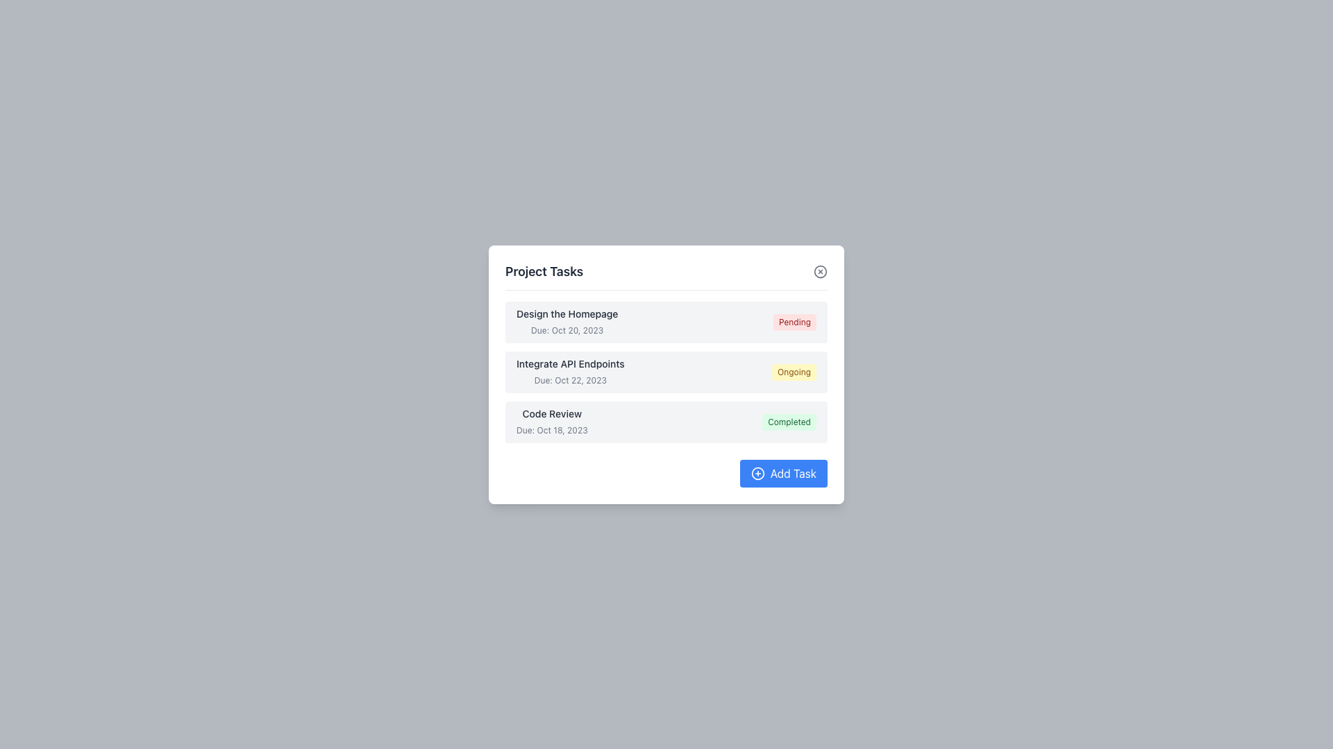 This screenshot has width=1333, height=749. I want to click on the 'Ongoing' status badge located in the lower-right corner of the task details row for the task titled 'Integrate API Endpoints', so click(794, 371).